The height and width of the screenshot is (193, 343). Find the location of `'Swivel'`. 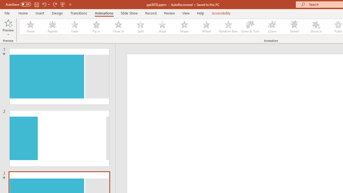

'Swivel' is located at coordinates (294, 27).